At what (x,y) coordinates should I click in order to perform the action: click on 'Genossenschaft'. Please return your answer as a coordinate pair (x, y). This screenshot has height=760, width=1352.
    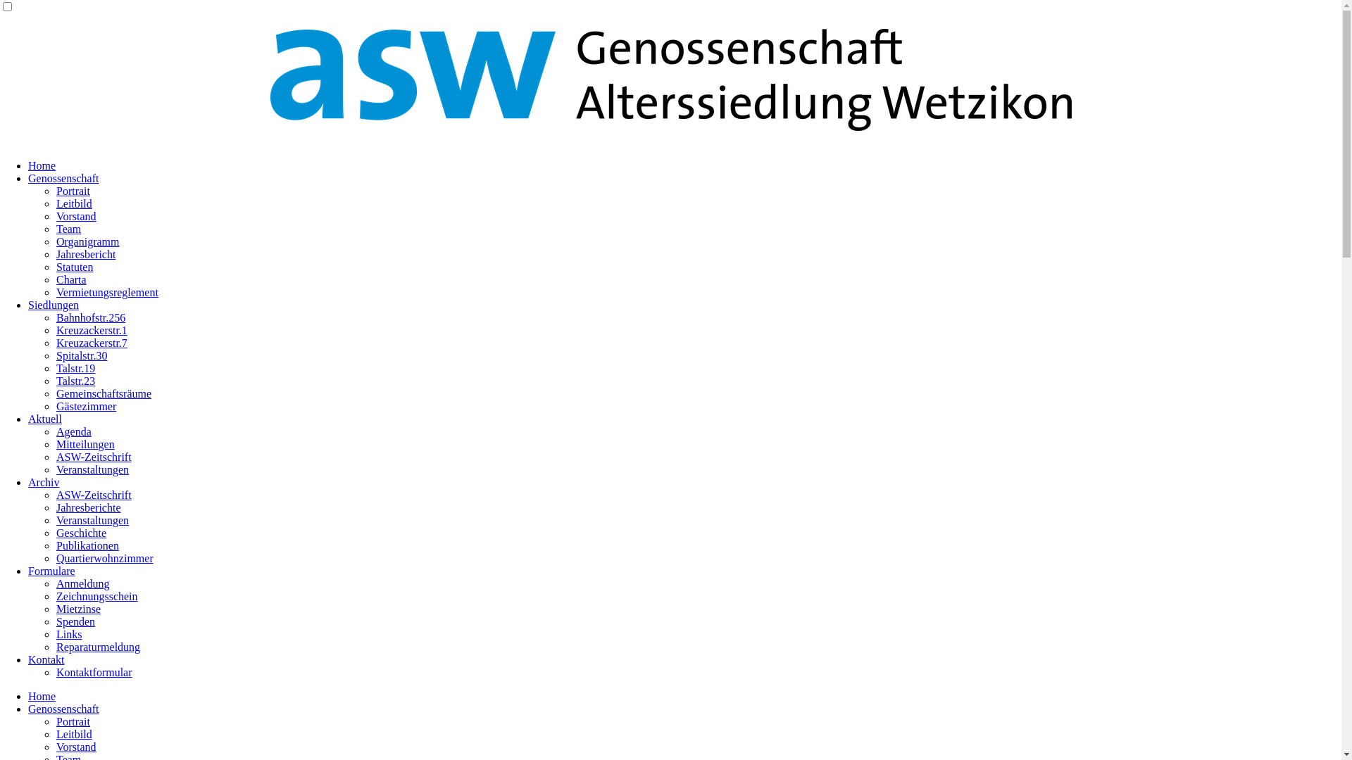
    Looking at the image, I should click on (63, 709).